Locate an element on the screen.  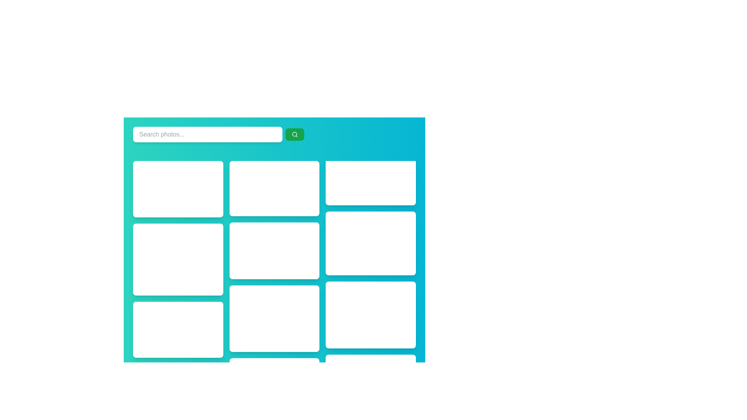
the Decorative SVG element that represents the center of the circular search glass outline, which is part of the magnifying glass icon located adjacent to the search input field is located at coordinates (294, 134).